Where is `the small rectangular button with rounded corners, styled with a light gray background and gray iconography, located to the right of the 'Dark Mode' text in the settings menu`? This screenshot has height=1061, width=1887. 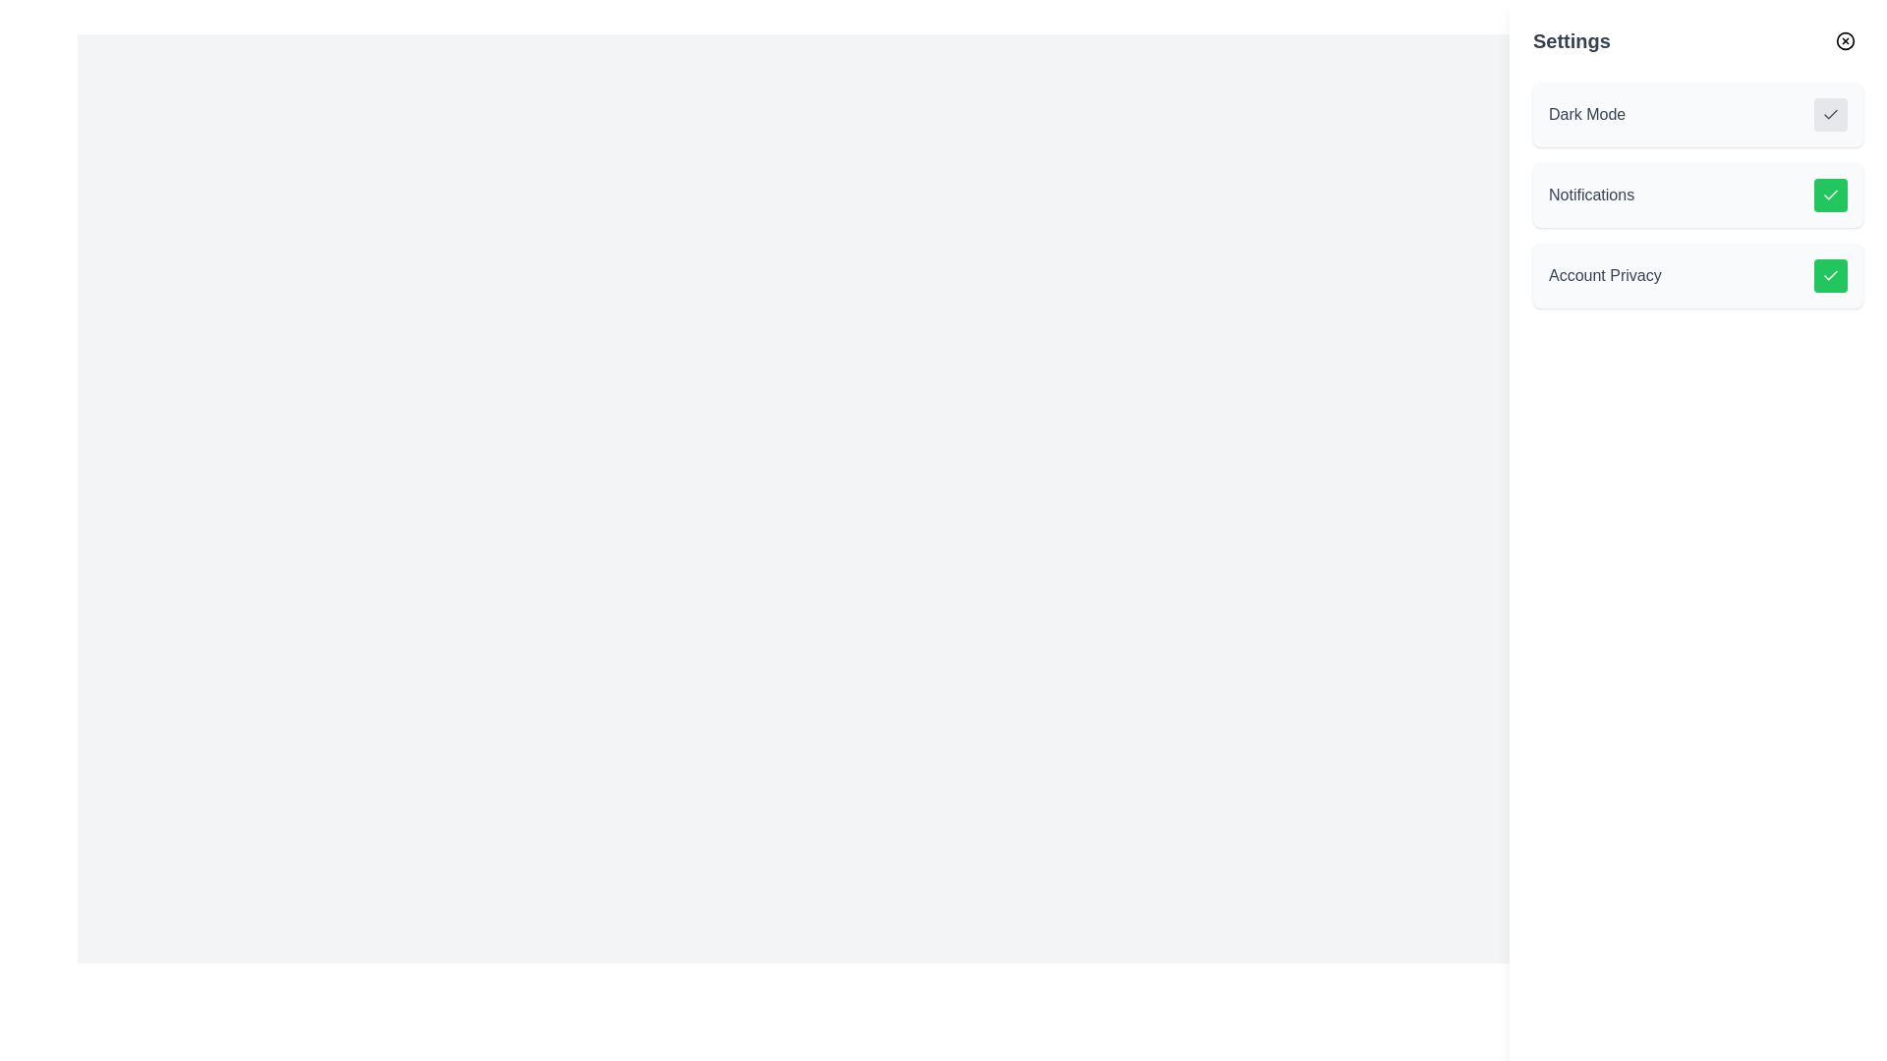
the small rectangular button with rounded corners, styled with a light gray background and gray iconography, located to the right of the 'Dark Mode' text in the settings menu is located at coordinates (1829, 114).